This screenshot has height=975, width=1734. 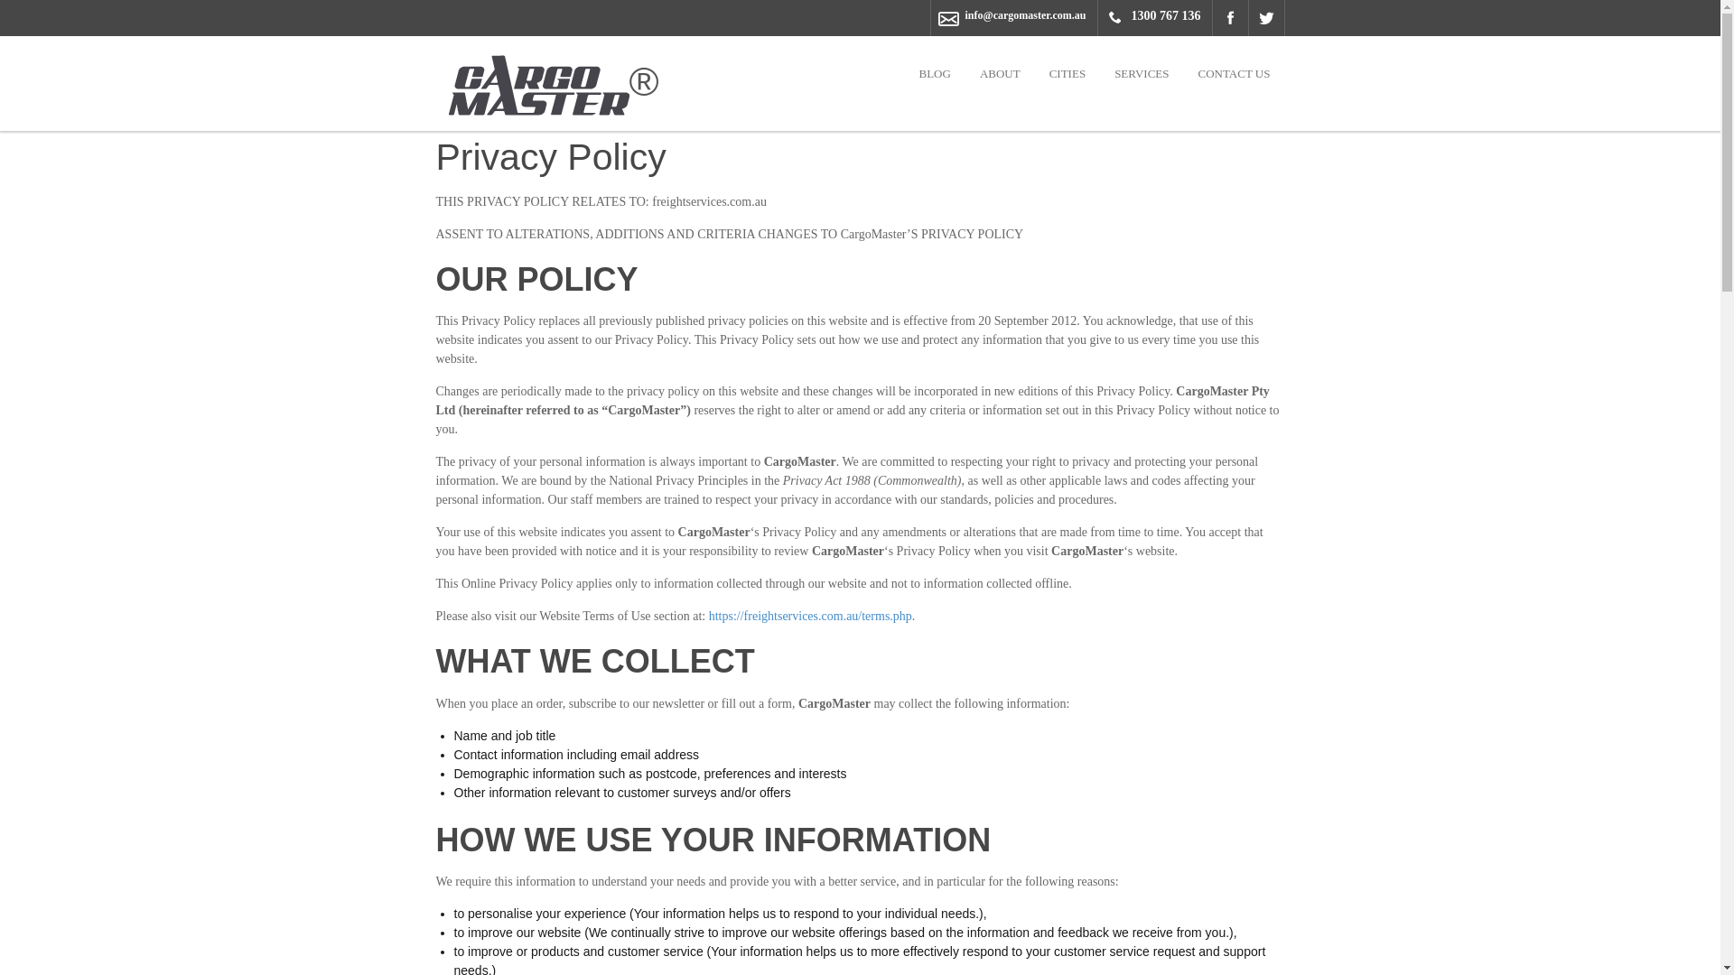 I want to click on 'ABOUT', so click(x=999, y=72).